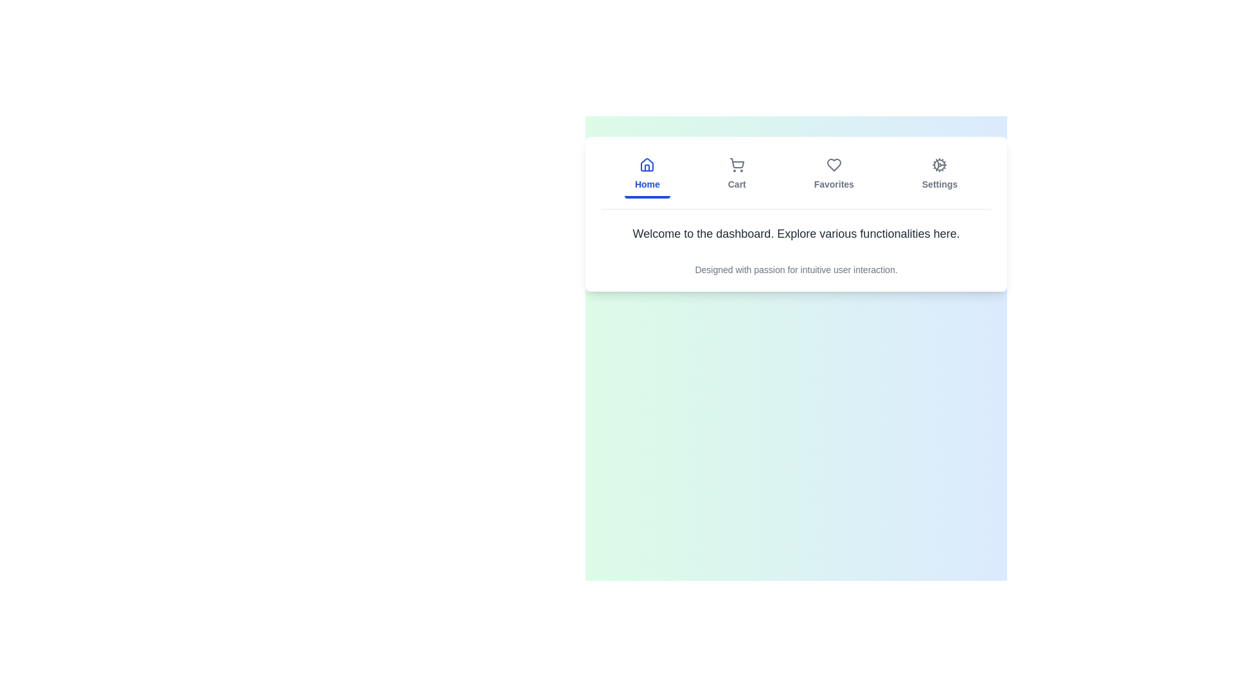 The width and height of the screenshot is (1234, 694). Describe the element at coordinates (647, 164) in the screenshot. I see `the 'Home' icon element within the navigation menu, represented by a house image, located at the specified coordinates` at that location.